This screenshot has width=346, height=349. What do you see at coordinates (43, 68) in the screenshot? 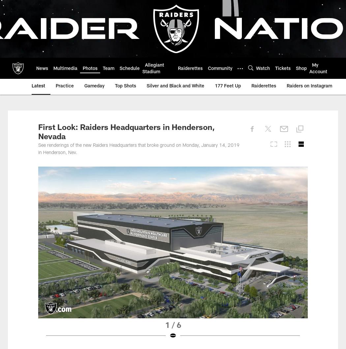
I see `'History'` at bounding box center [43, 68].